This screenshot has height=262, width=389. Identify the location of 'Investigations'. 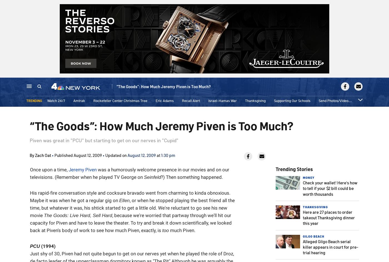
(155, 87).